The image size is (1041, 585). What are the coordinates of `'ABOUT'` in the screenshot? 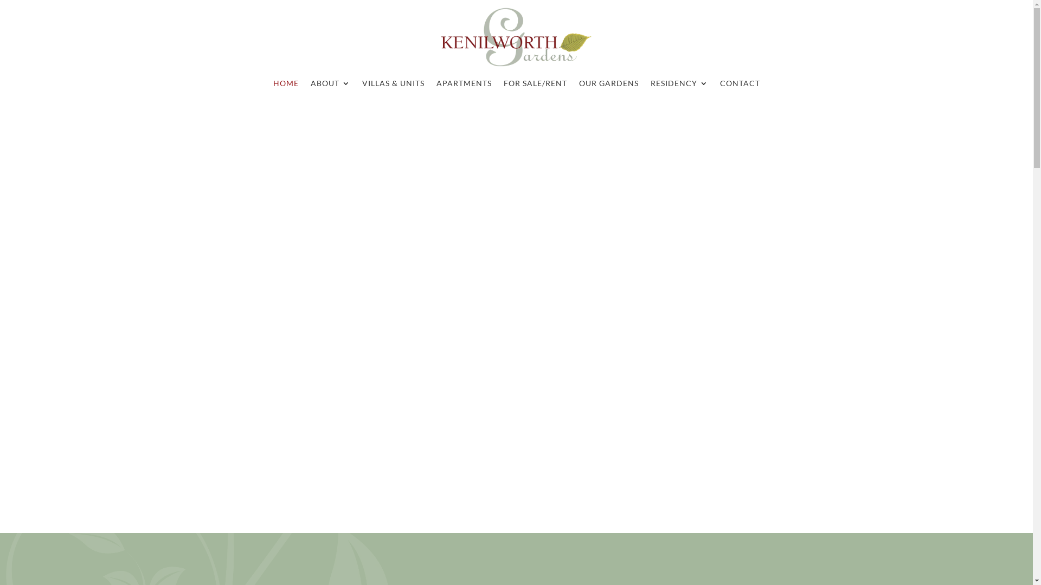 It's located at (329, 85).